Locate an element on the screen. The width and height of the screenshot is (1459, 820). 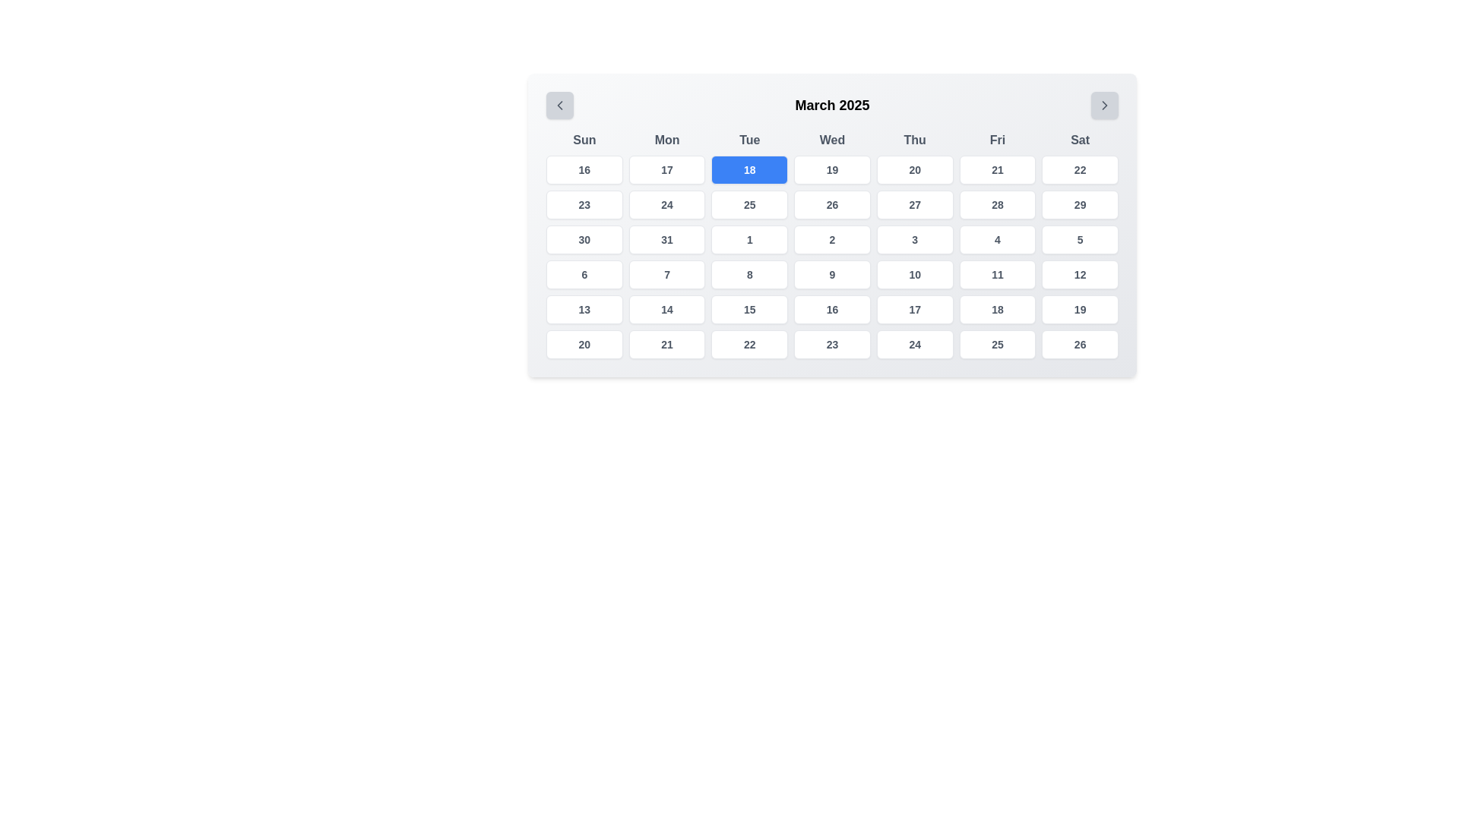
the button representing the date '6' in the calendar for March 2025 is located at coordinates (584, 275).